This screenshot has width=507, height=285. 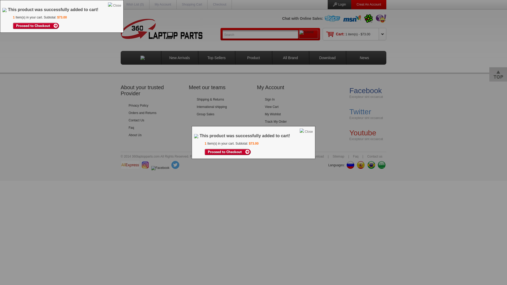 I want to click on 'International shipping', so click(x=212, y=107).